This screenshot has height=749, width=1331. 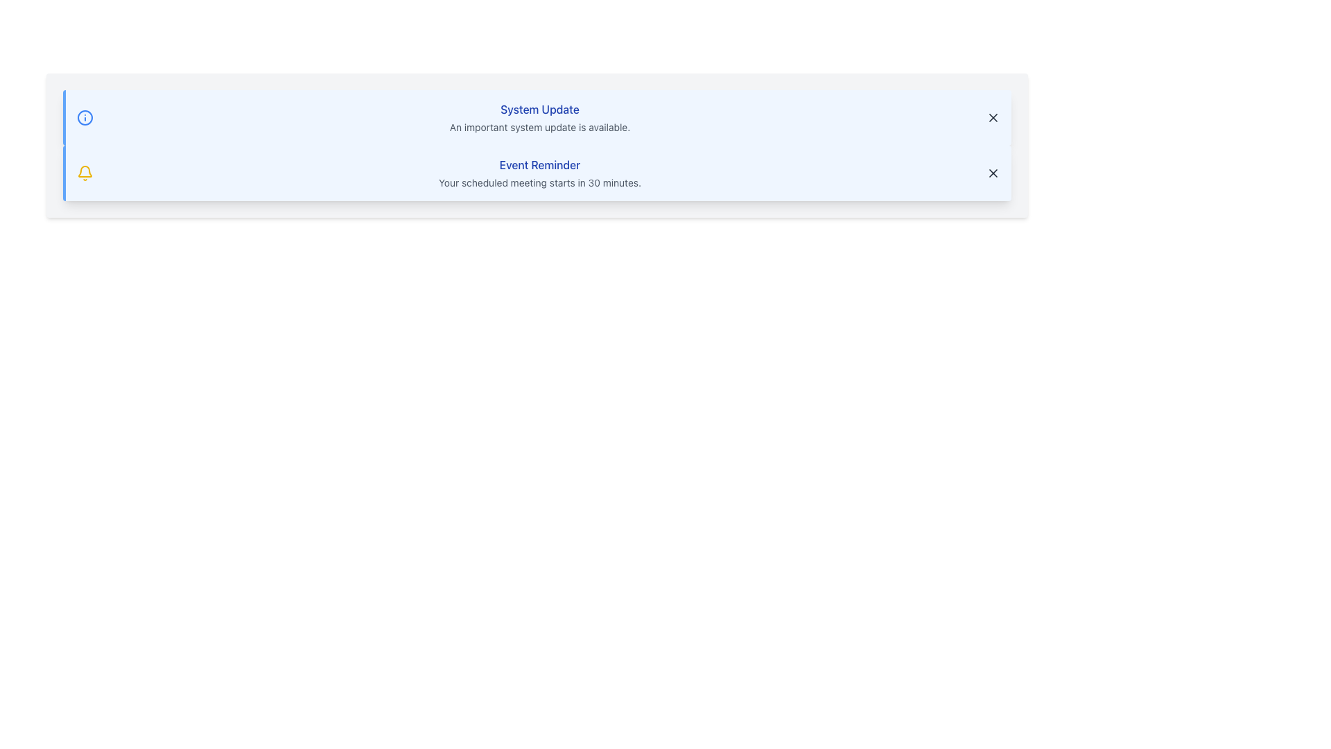 I want to click on the Notification Banner with the title 'System Update', so click(x=536, y=117).